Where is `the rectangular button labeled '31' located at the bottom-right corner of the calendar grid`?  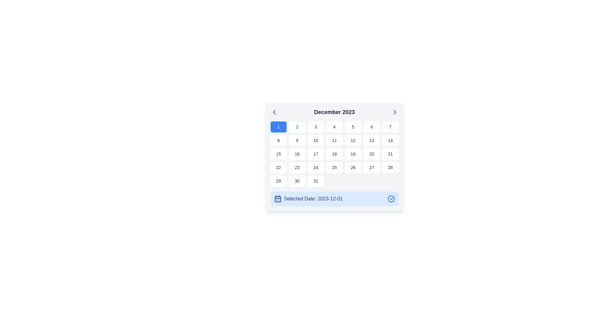
the rectangular button labeled '31' located at the bottom-right corner of the calendar grid is located at coordinates (316, 181).